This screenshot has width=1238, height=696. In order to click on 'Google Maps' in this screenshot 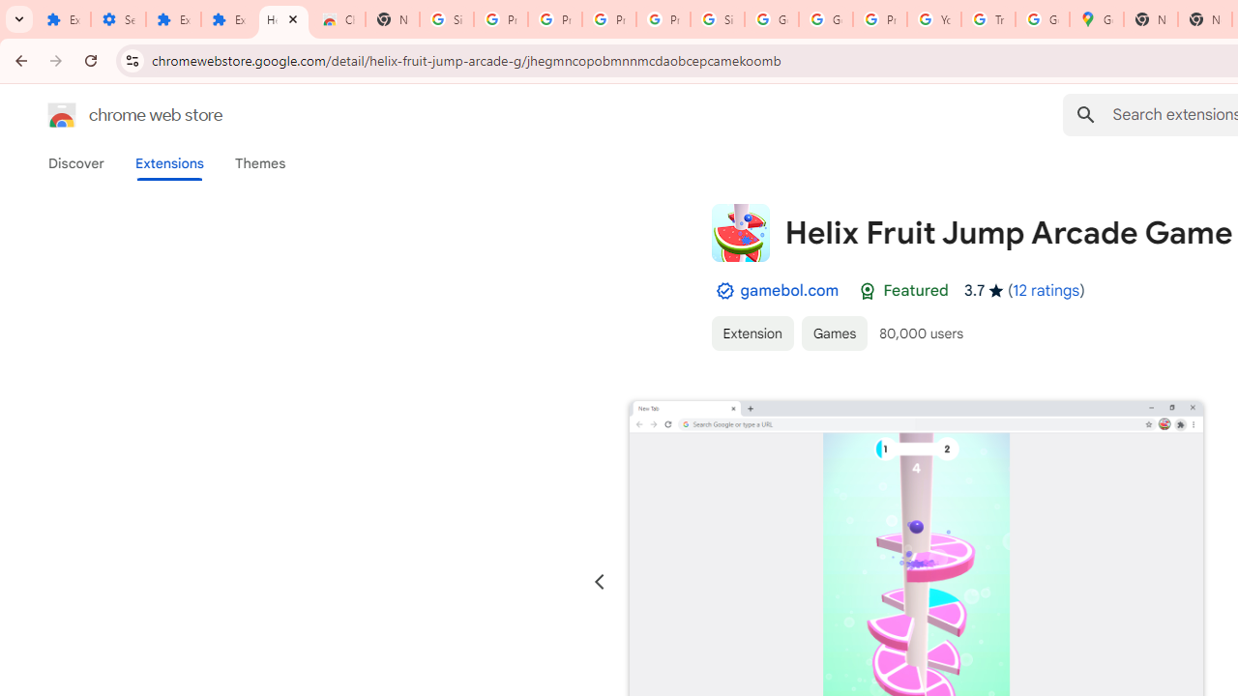, I will do `click(1097, 19)`.